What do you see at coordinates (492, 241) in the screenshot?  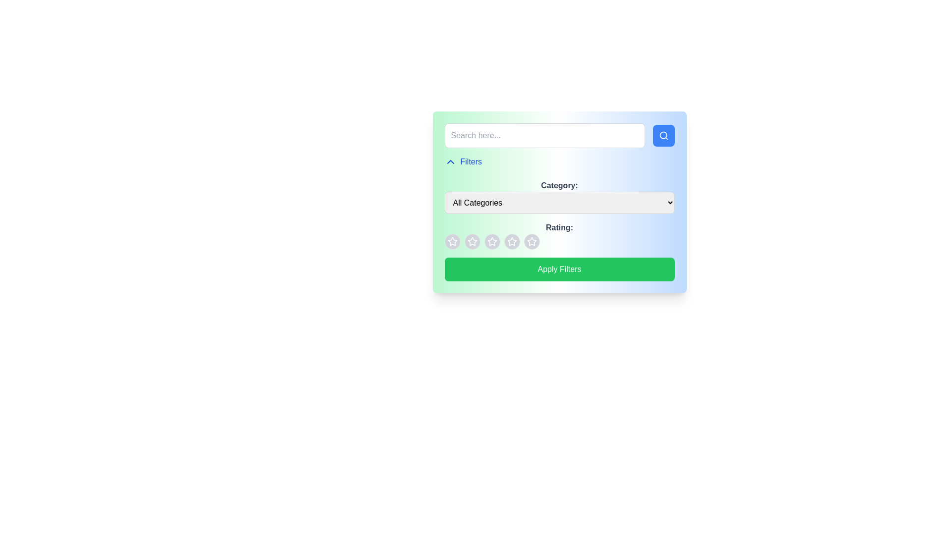 I see `the second star icon in the horizontal row of rating stars below the 'Rating' label by` at bounding box center [492, 241].